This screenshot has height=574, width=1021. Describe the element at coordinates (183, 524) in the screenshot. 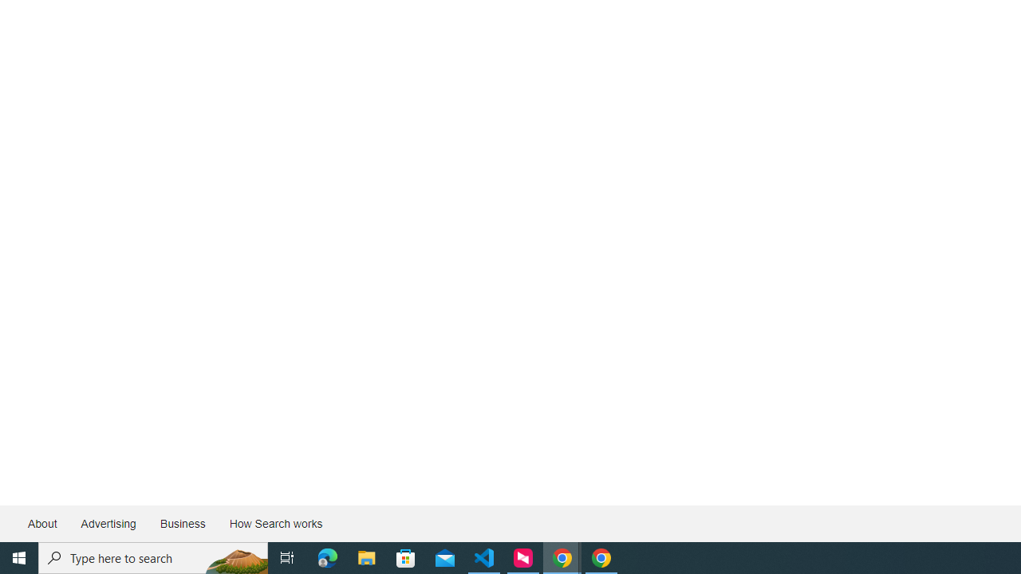

I see `'Business'` at that location.